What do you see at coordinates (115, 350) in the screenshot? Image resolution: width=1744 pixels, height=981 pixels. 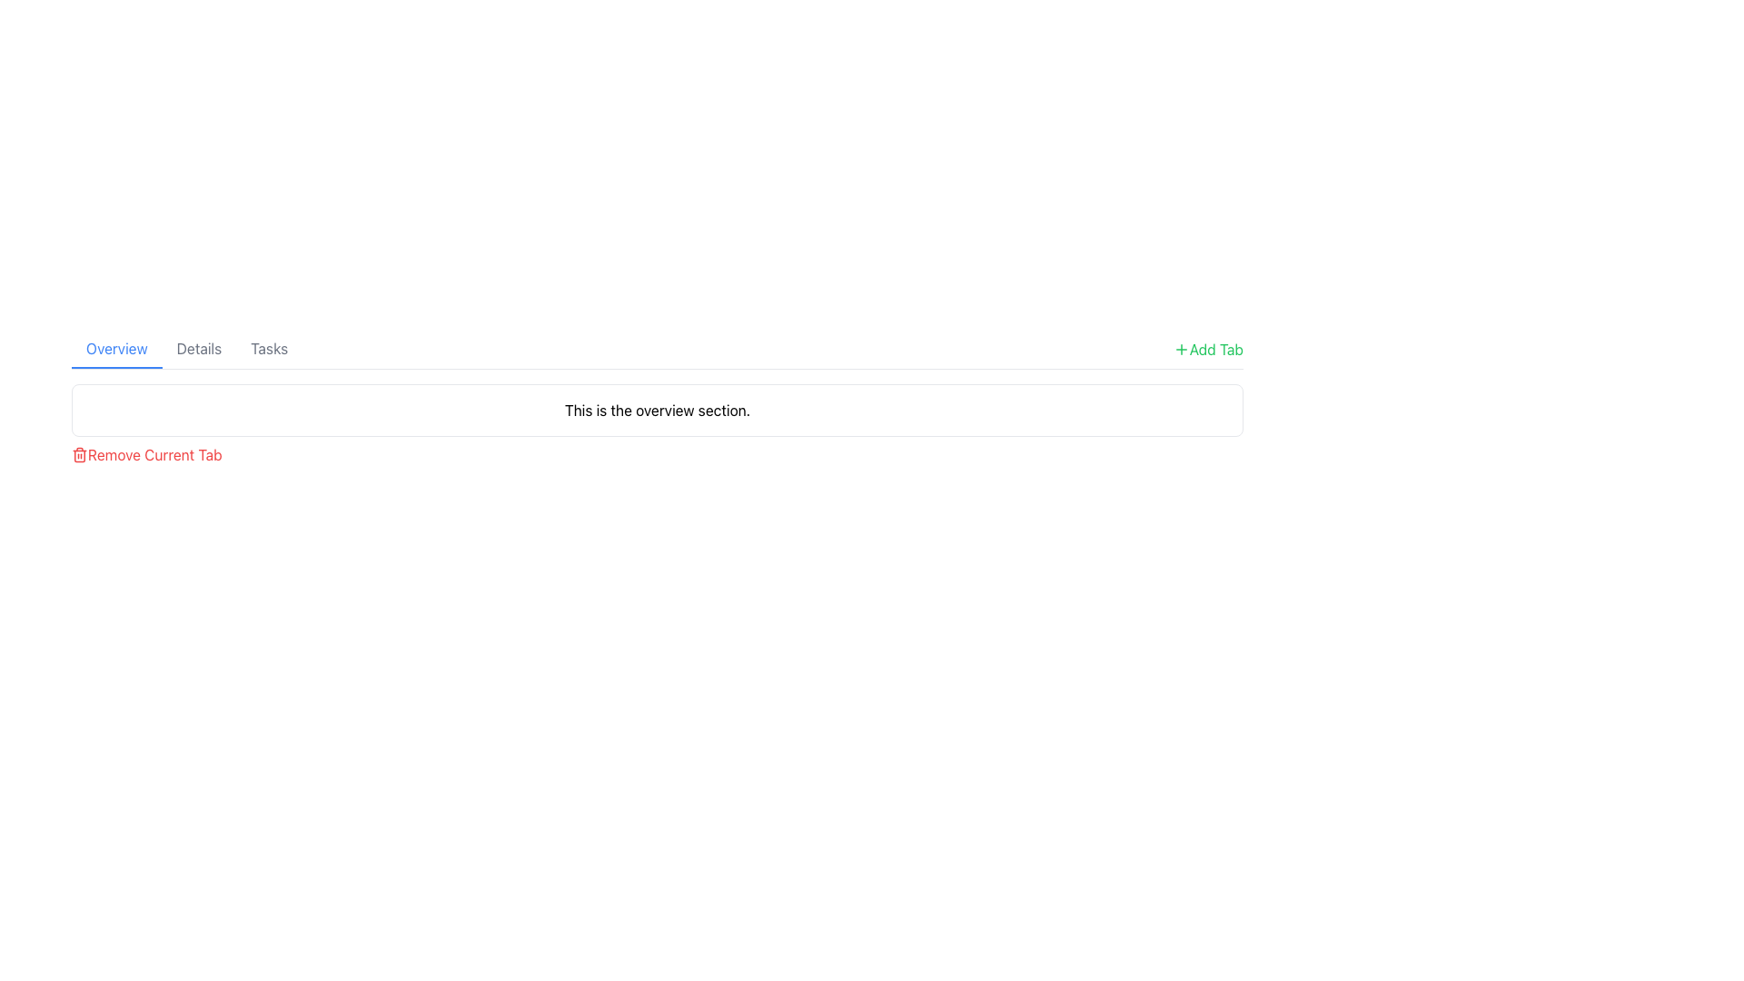 I see `the 'Overview' navigational tab, which is styled in blue font with a bold underline` at bounding box center [115, 350].